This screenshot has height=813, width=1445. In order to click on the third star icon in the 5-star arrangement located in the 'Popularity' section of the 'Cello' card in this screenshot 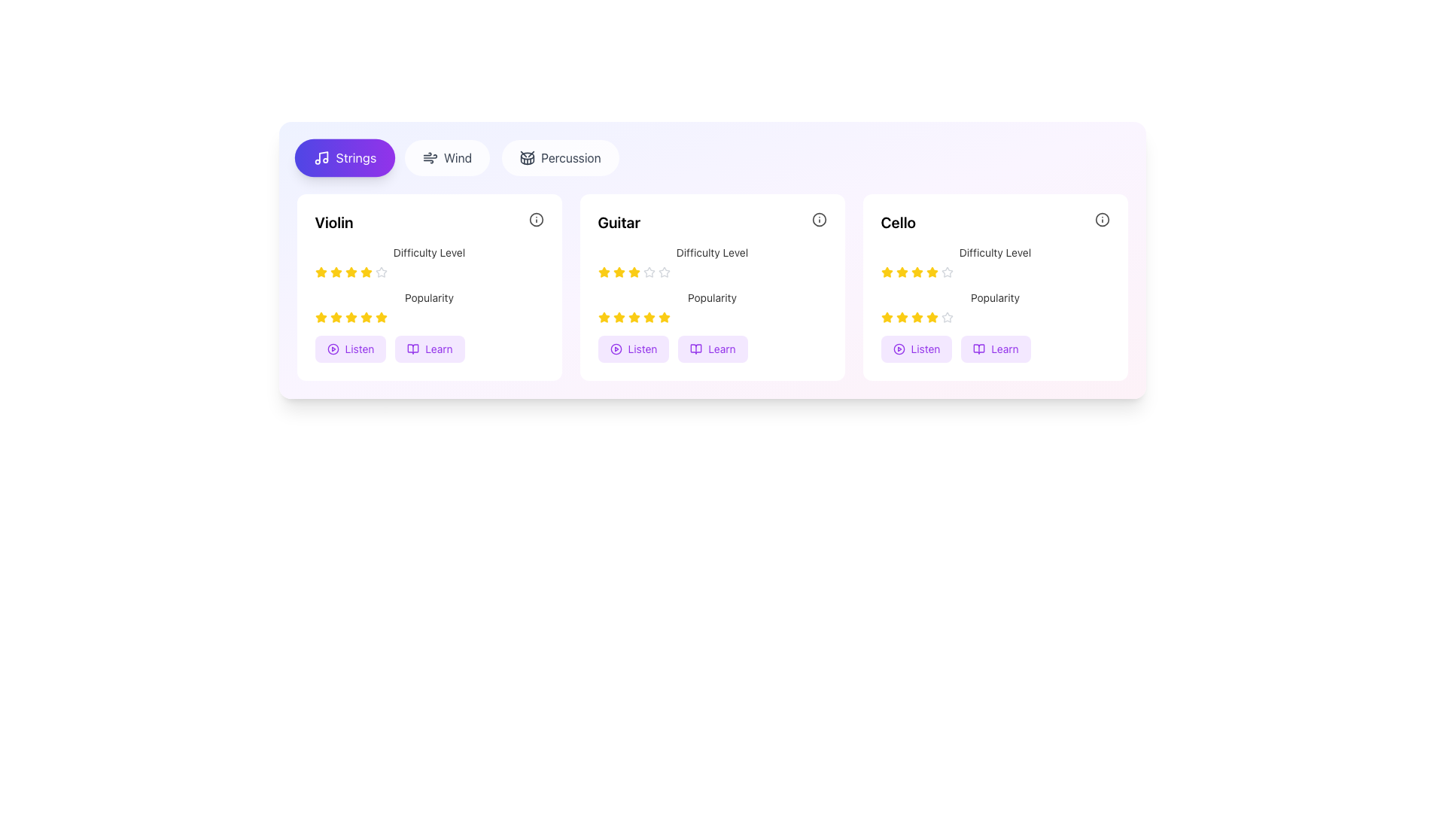, I will do `click(902, 316)`.